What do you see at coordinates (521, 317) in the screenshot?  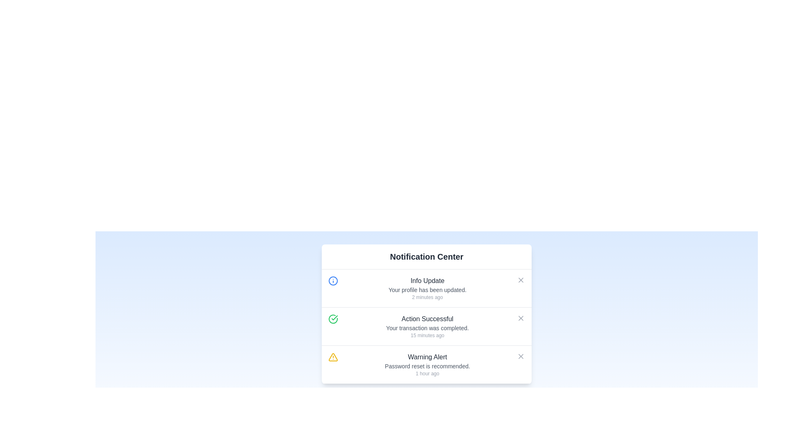 I see `the close icon located in the second notification row next to the text 'Action Successful'` at bounding box center [521, 317].